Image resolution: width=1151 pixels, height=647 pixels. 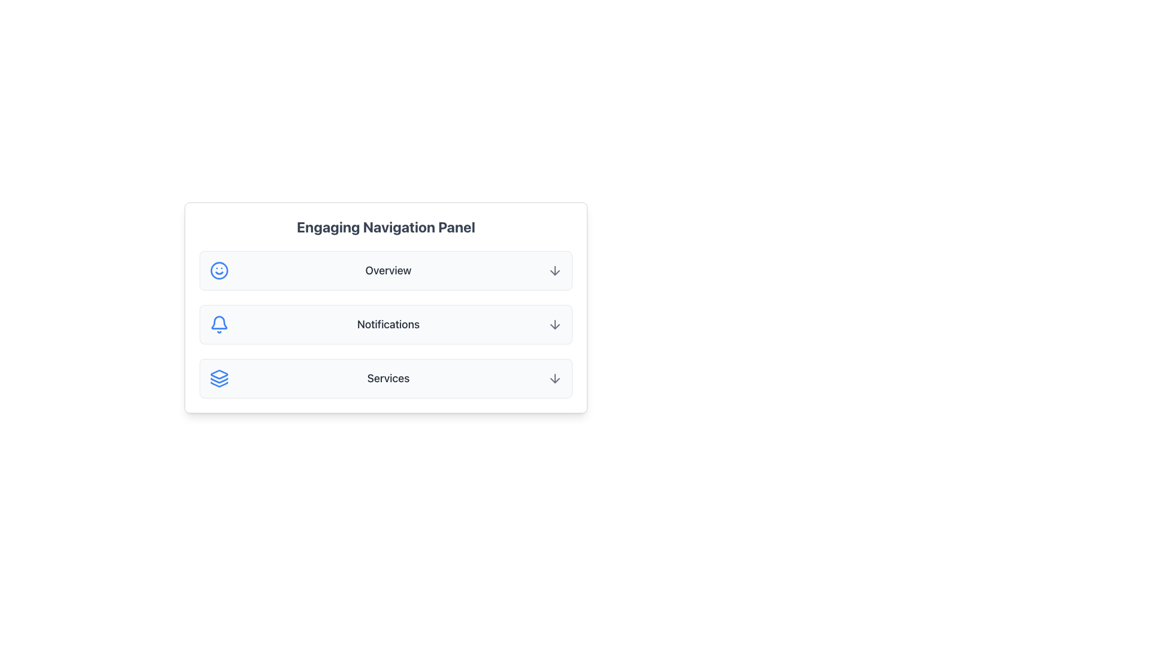 What do you see at coordinates (555, 379) in the screenshot?
I see `the downward arrow icon located at the far right of the 'Services' section in the navigation panel` at bounding box center [555, 379].